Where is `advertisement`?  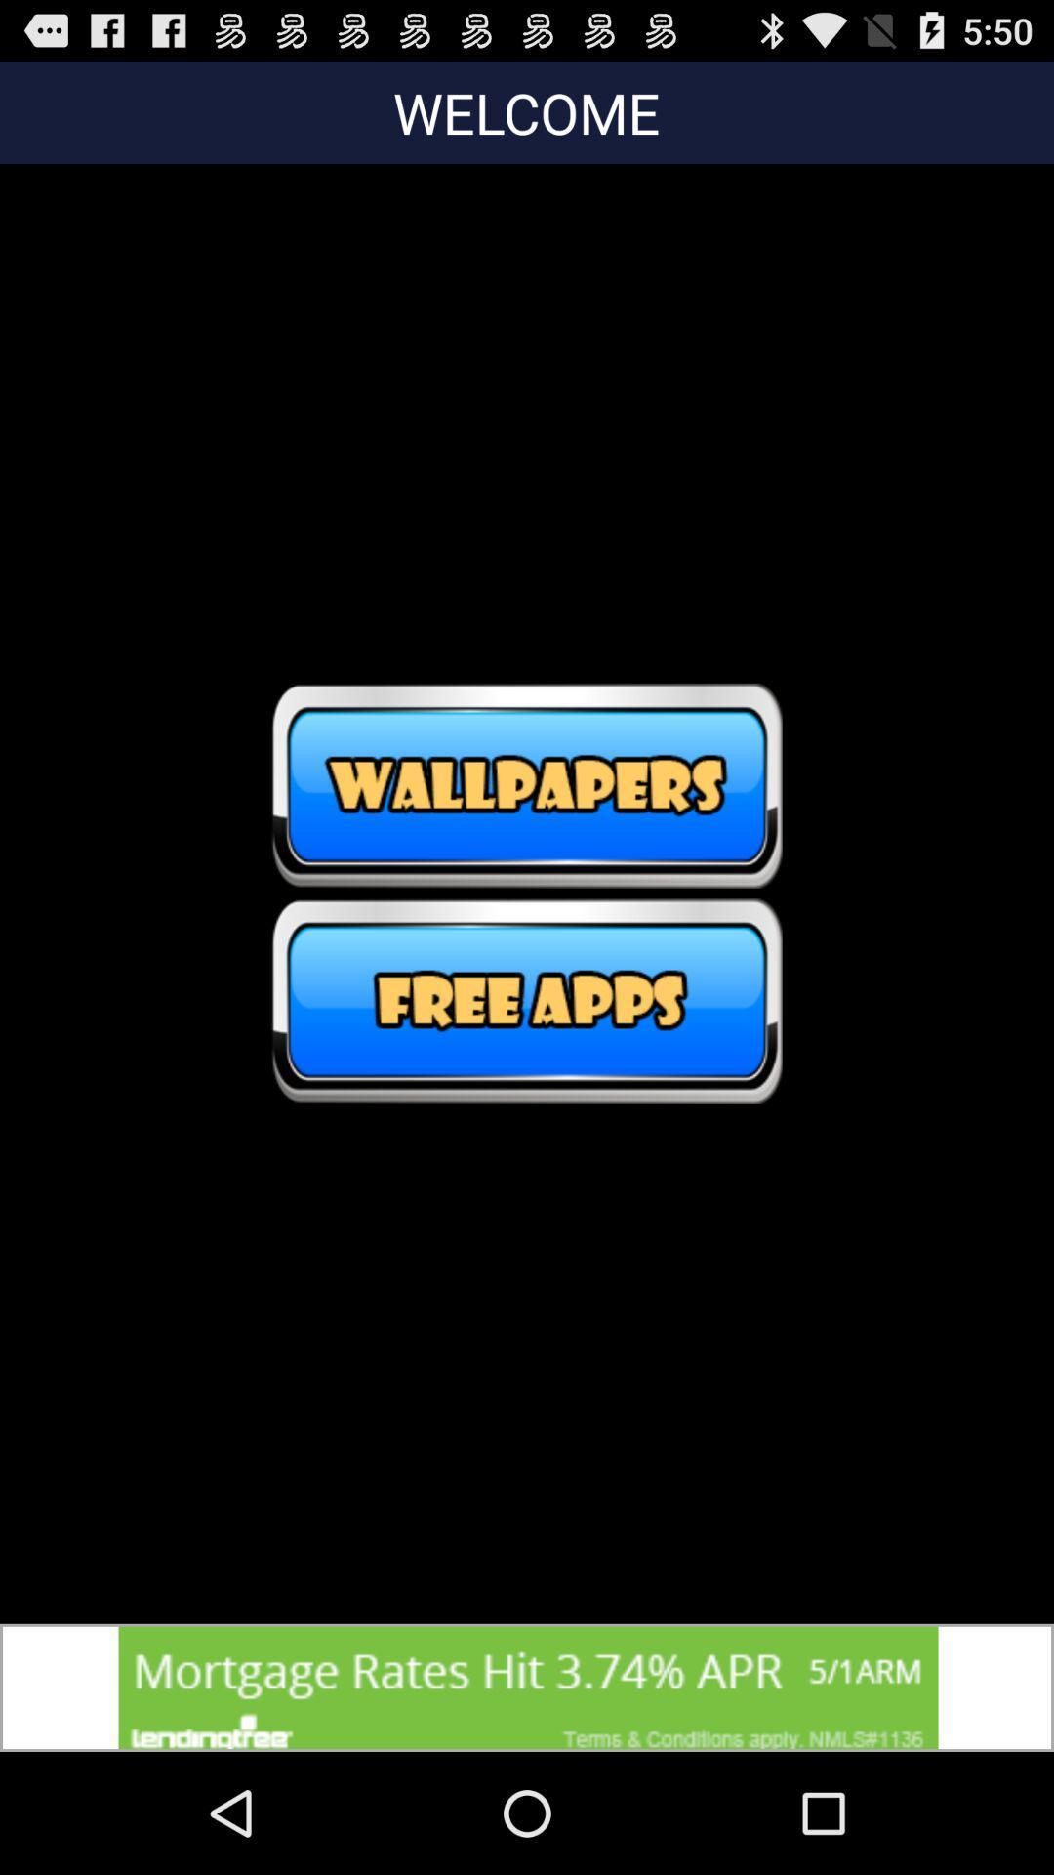
advertisement is located at coordinates (527, 1687).